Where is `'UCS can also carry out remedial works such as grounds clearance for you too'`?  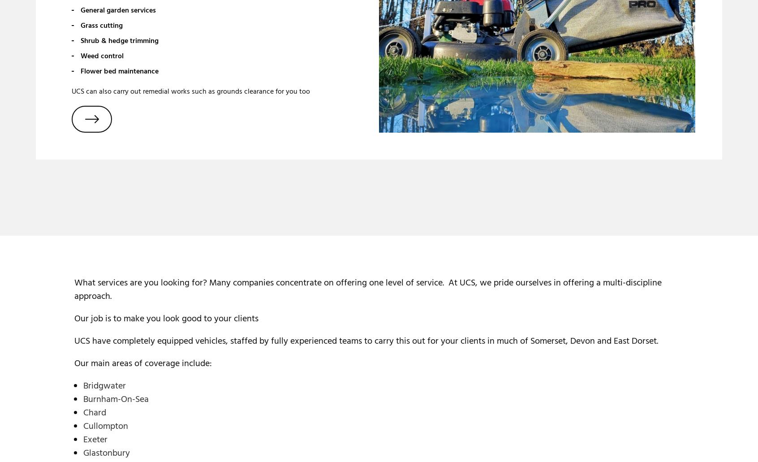 'UCS can also carry out remedial works such as grounds clearance for you too' is located at coordinates (190, 91).